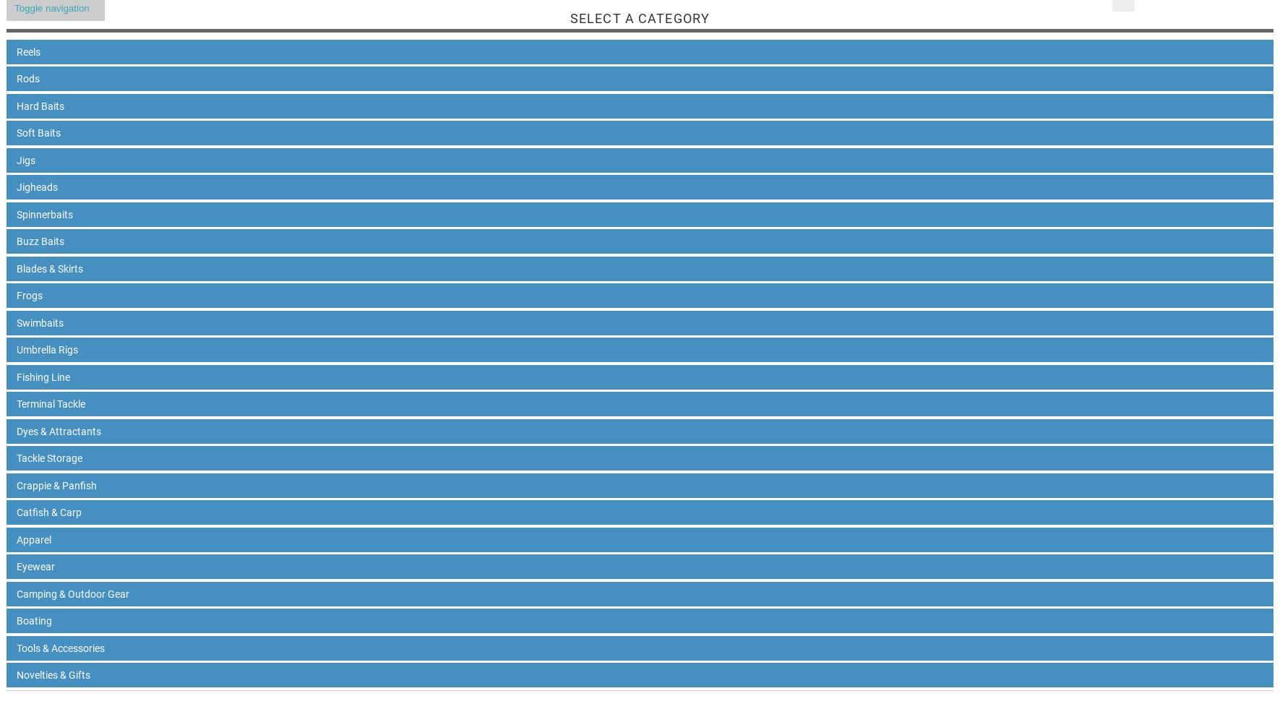  What do you see at coordinates (38, 132) in the screenshot?
I see `'Soft Baits'` at bounding box center [38, 132].